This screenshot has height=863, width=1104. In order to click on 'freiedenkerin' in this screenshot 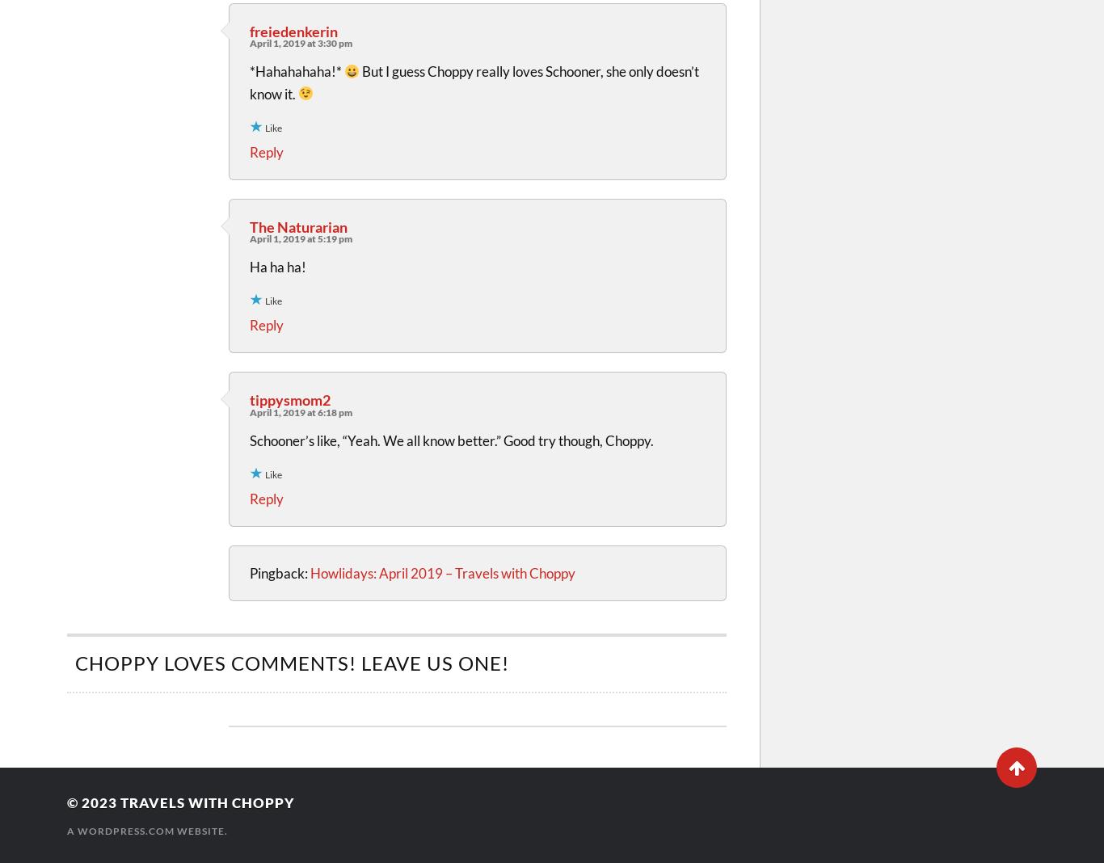, I will do `click(293, 30)`.